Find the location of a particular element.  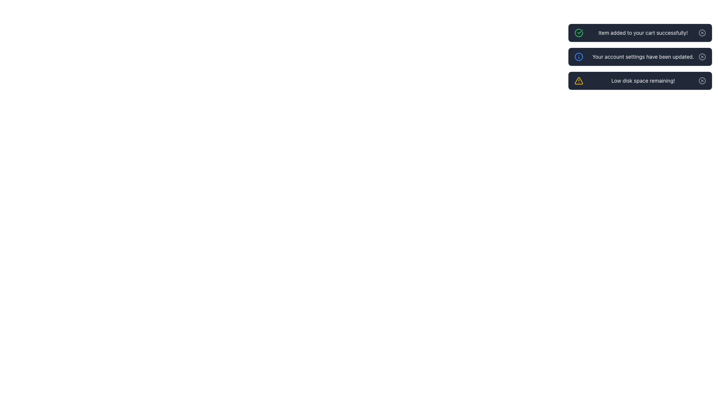

the notification text indicating that the account settings have been successfully updated, which is the middle notification among three vertically stacked notifications is located at coordinates (642, 56).